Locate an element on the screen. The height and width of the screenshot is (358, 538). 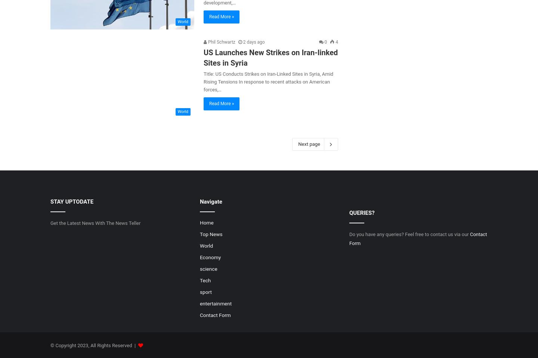
'© Copyright 2023, All Rights Reserved  |' is located at coordinates (50, 345).